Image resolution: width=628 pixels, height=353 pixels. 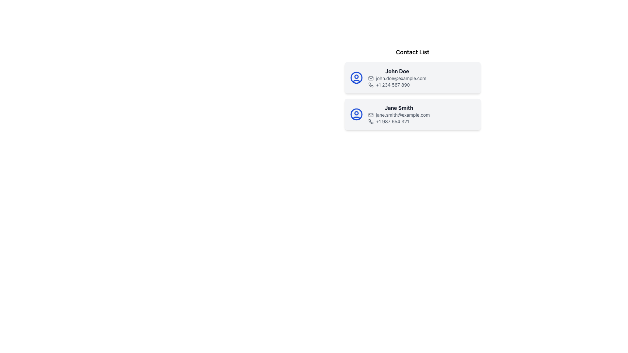 I want to click on the small rectangular shape with rounded edges that is part of the envelope icon representing email functionality, located beside John Doe in the contact list, so click(x=371, y=78).